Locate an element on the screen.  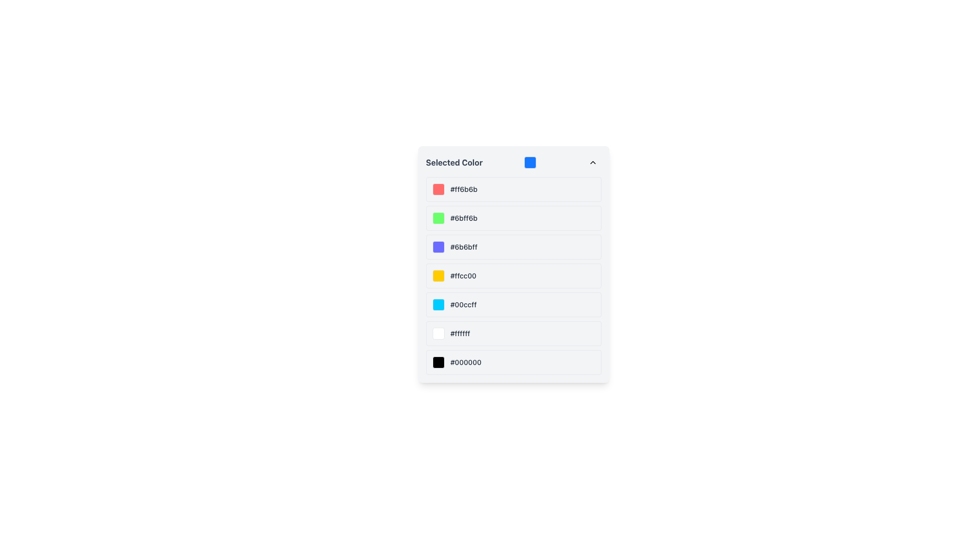
the third selectable color swatch item in the 'Selected Color' list is located at coordinates (513, 247).